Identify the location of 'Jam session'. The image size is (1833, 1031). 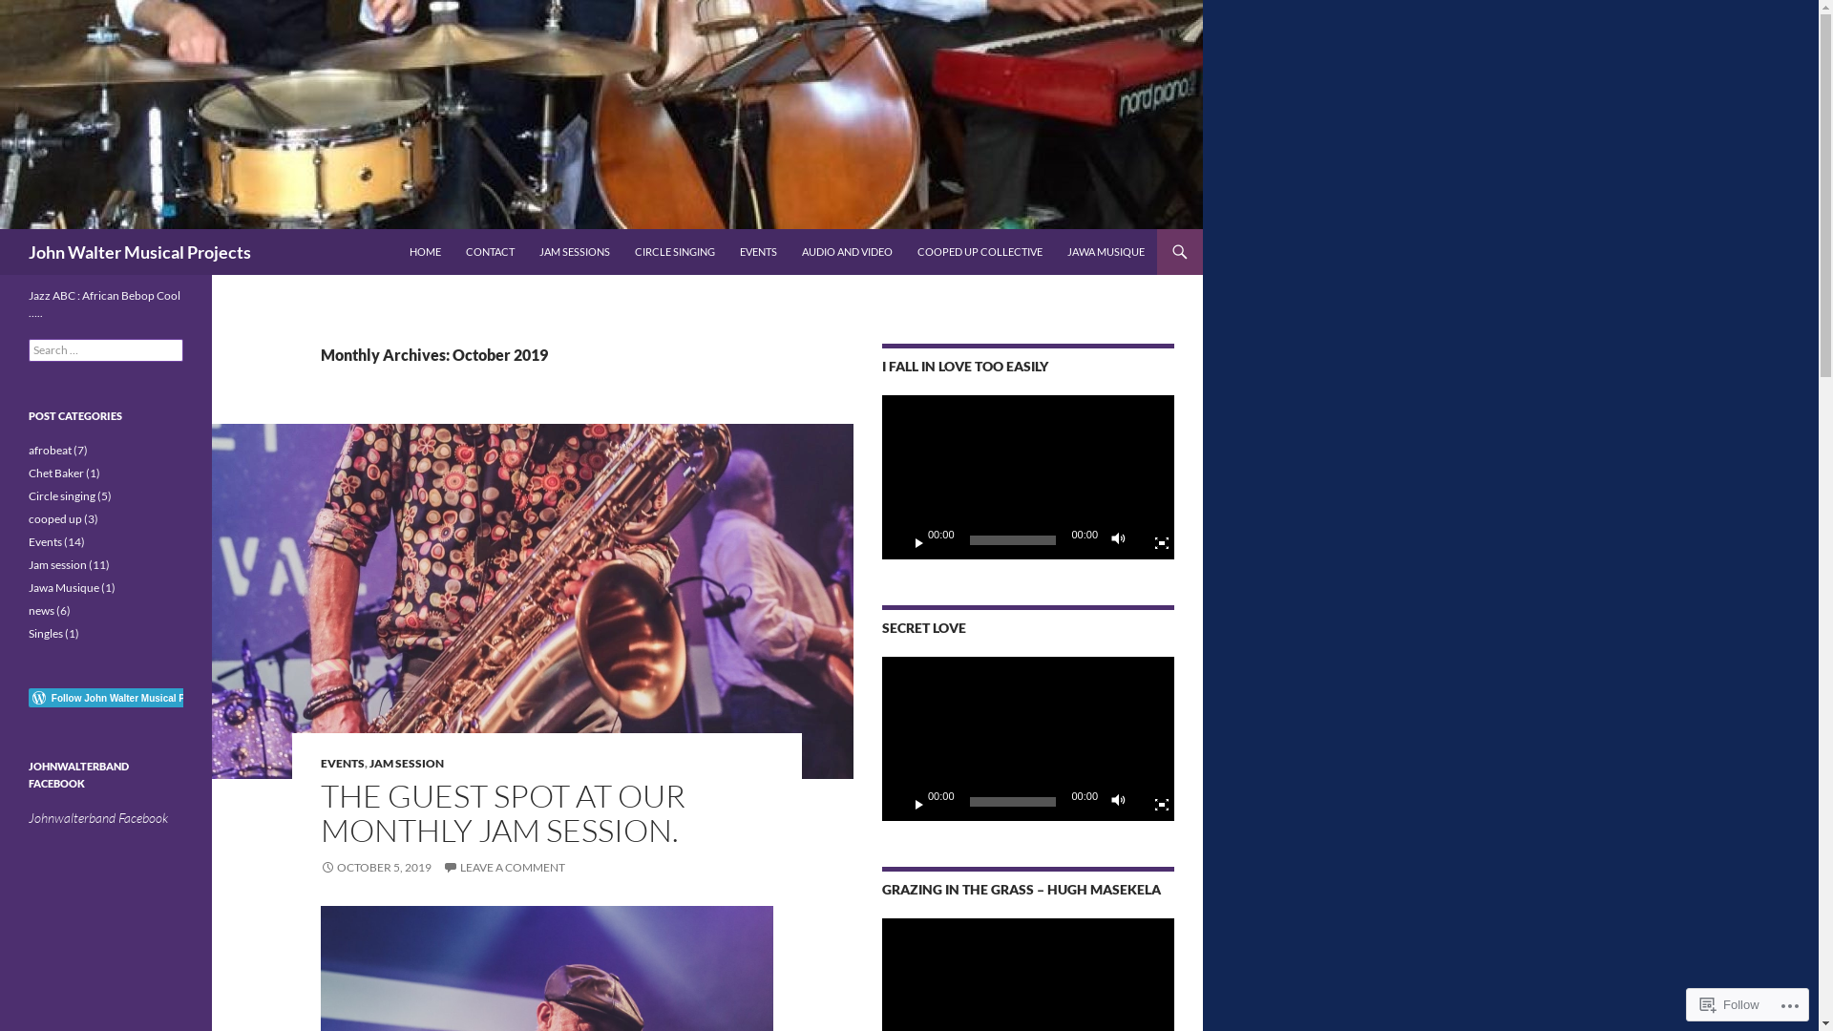
(57, 563).